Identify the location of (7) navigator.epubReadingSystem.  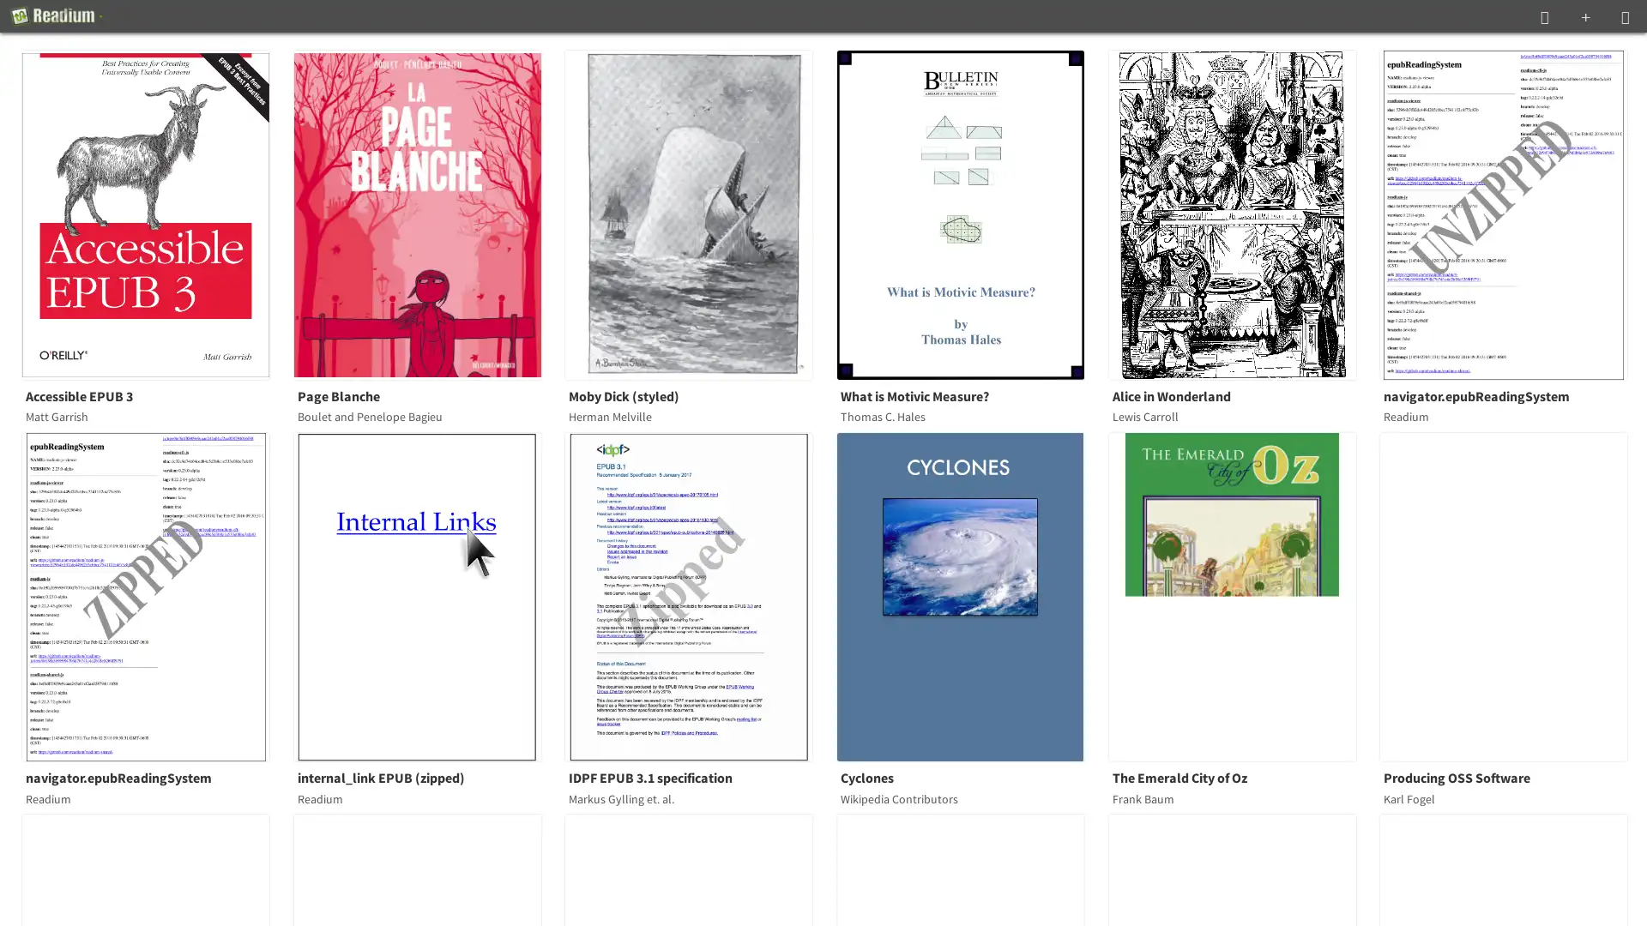
(156, 595).